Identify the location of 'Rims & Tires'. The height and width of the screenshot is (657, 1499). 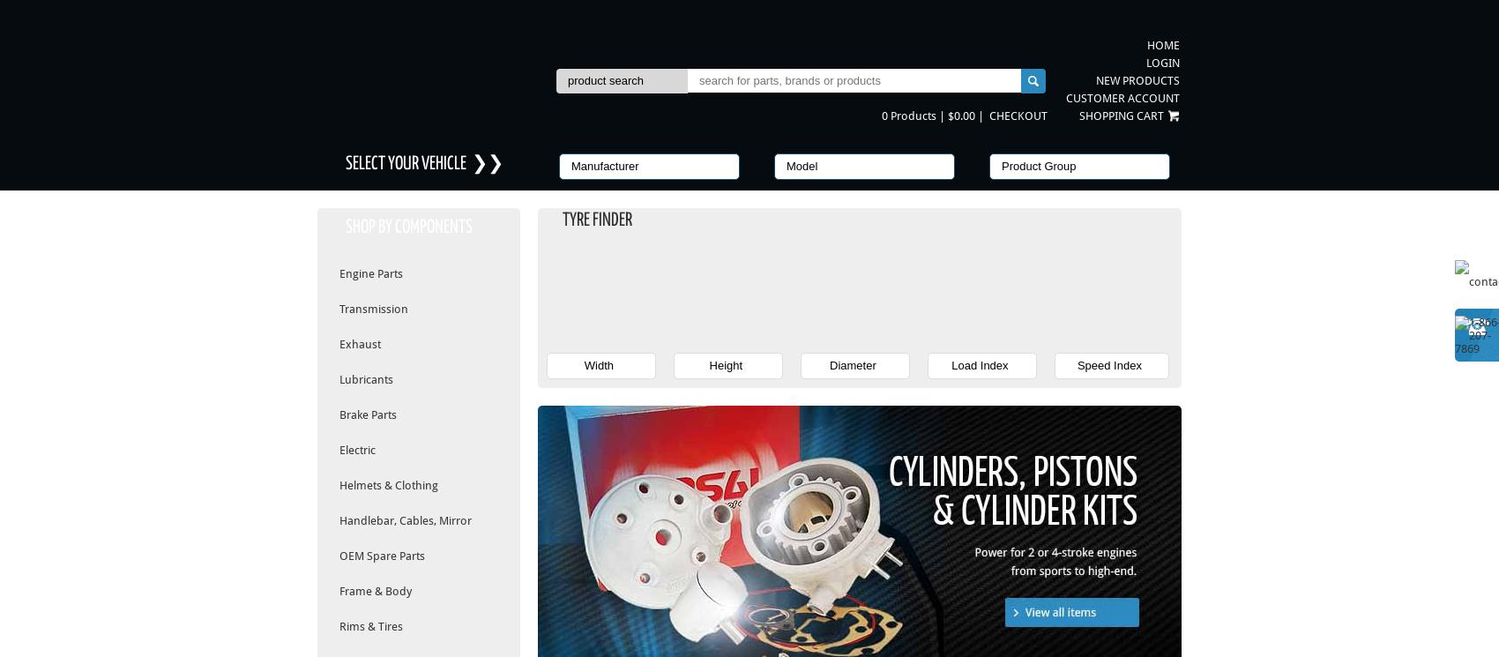
(369, 626).